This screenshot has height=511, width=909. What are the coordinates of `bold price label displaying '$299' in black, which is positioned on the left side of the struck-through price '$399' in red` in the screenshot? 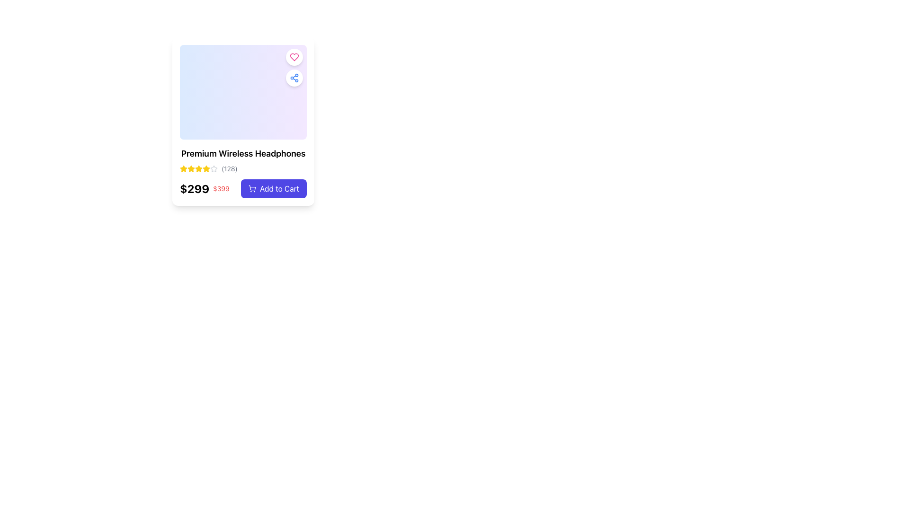 It's located at (194, 188).